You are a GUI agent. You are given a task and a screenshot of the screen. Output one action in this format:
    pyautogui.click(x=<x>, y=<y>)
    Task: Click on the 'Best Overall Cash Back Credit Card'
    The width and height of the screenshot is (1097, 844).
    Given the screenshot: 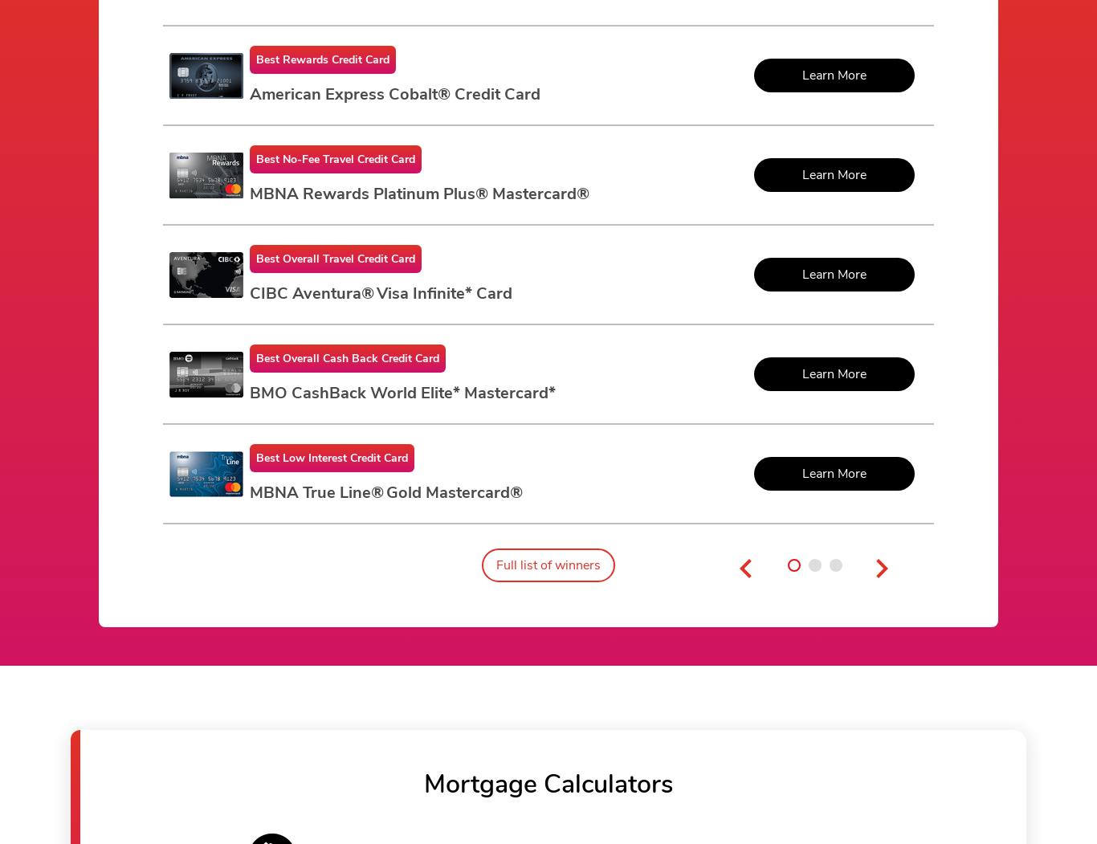 What is the action you would take?
    pyautogui.click(x=347, y=357)
    